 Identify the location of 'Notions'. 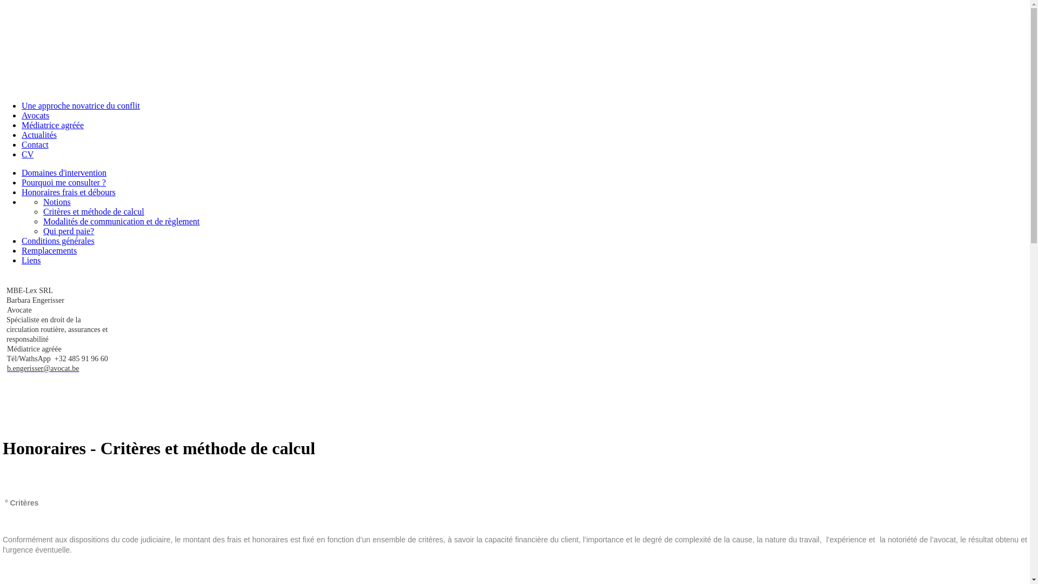
(43, 202).